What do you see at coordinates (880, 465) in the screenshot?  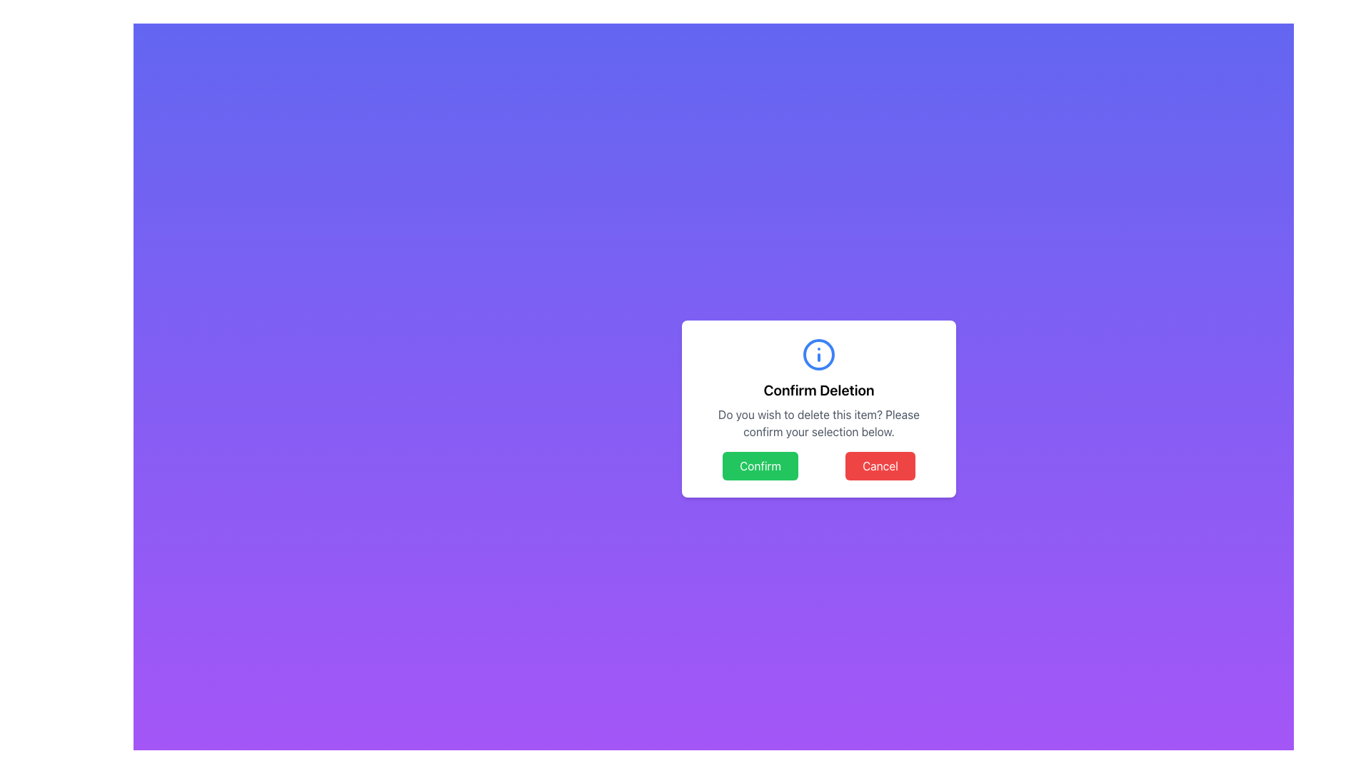 I see `the cancel button located at the bottom right of the modal dialog` at bounding box center [880, 465].